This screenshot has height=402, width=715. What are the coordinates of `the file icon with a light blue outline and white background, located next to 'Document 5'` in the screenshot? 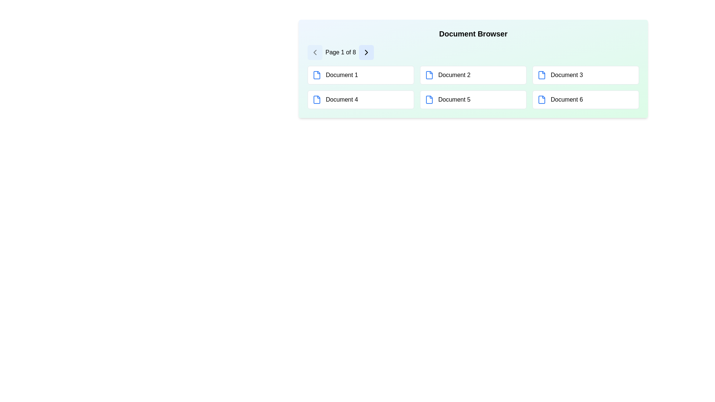 It's located at (429, 99).